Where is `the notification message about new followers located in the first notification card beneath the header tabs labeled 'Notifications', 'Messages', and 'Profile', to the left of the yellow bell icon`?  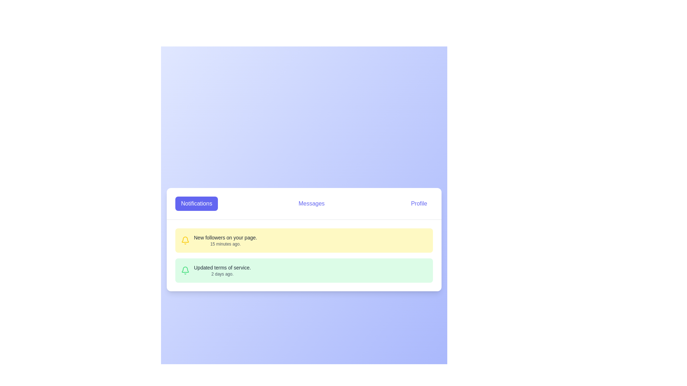 the notification message about new followers located in the first notification card beneath the header tabs labeled 'Notifications', 'Messages', and 'Profile', to the left of the yellow bell icon is located at coordinates (225, 240).